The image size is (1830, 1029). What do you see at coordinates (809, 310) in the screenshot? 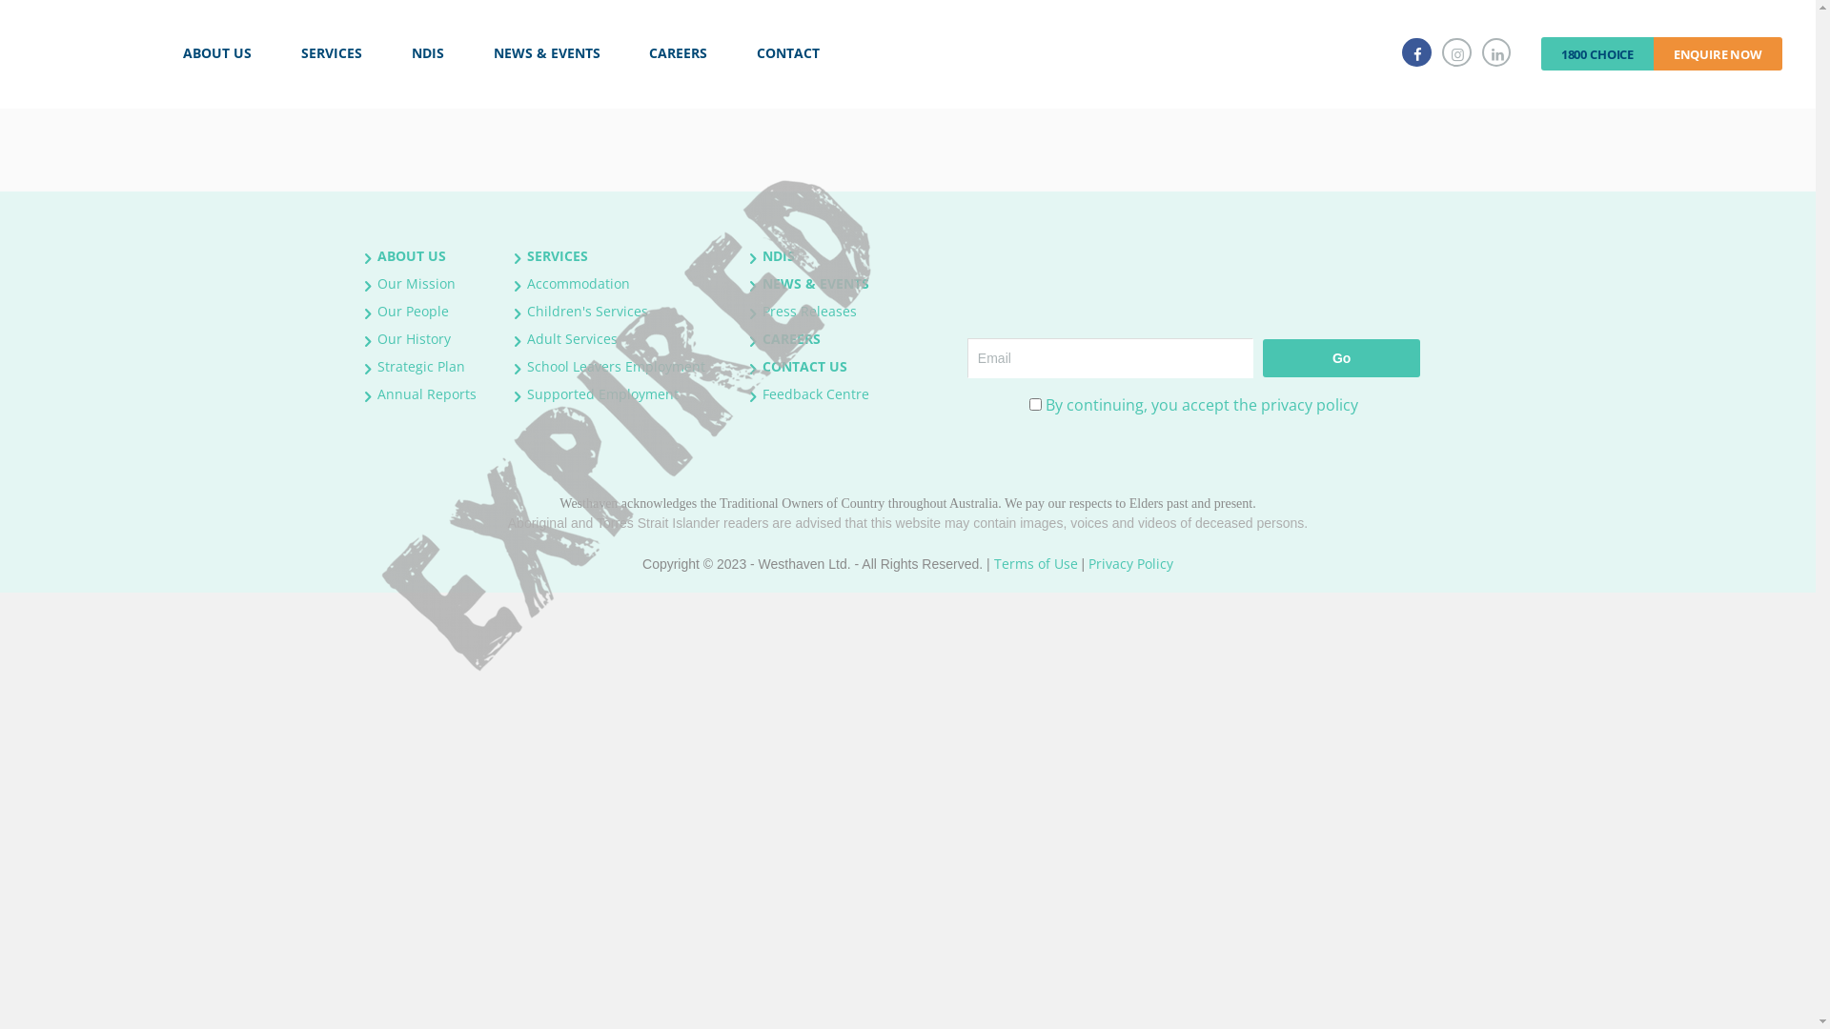
I see `'Press Releases'` at bounding box center [809, 310].